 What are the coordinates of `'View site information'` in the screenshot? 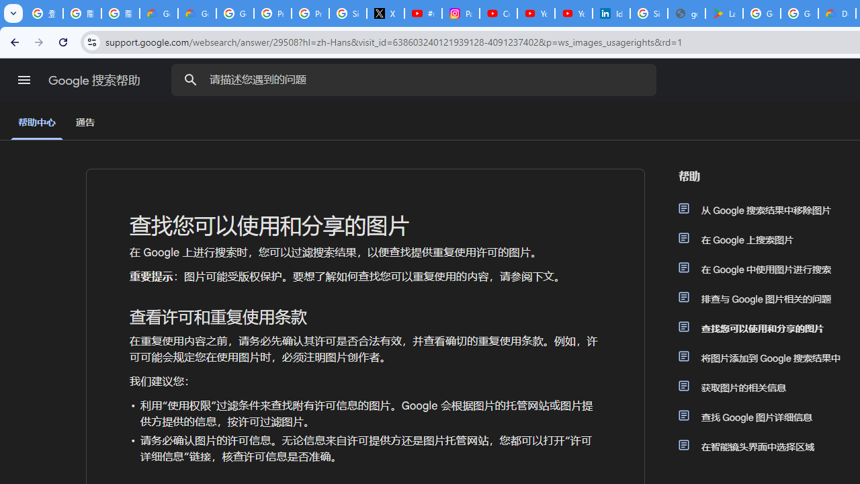 It's located at (91, 41).